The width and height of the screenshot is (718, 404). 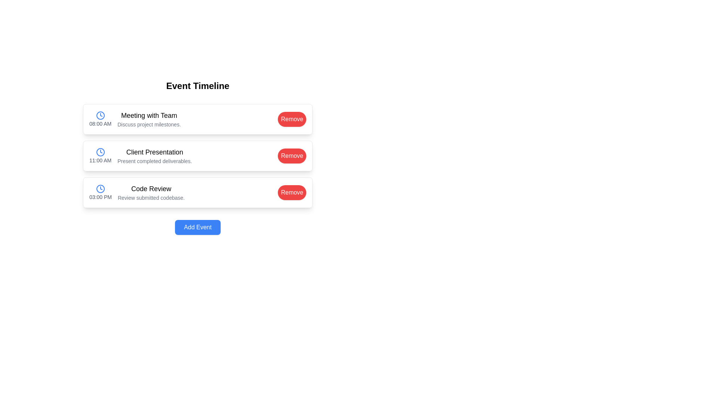 What do you see at coordinates (292, 192) in the screenshot?
I see `the button located in the bottom right of the 'Code Review' event card` at bounding box center [292, 192].